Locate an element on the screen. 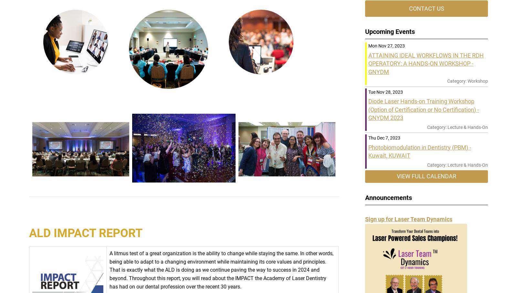 This screenshot has width=517, height=293. 'A litmus test of a great organization is the ability to change while staying the same. In other words, being able to adapt to a changing environment while maintaining its core values and principles. That is exactly what the ALD is doing as we continue paving the way to success in 2024 and beyond. Throughout this report, you will read about the IMPACT the Academy of Laser Dentistry has had on our dental profession over the recent 30 years.' is located at coordinates (221, 269).